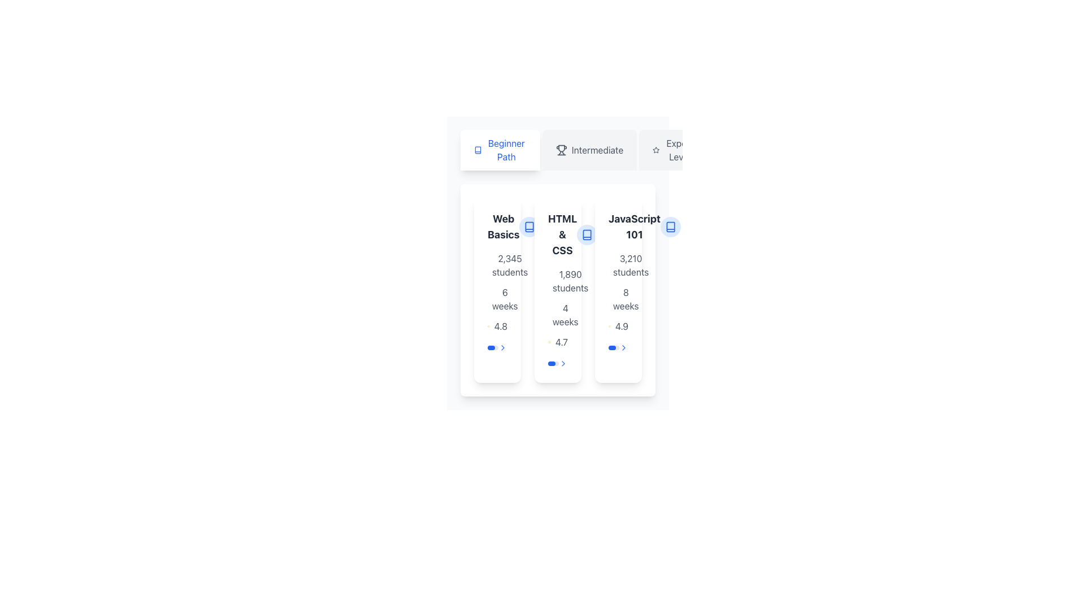 This screenshot has width=1085, height=610. I want to click on the text label displaying 'JavaScript 101', which is prominently styled in bold gray font at the top center of a course information card, so click(635, 226).